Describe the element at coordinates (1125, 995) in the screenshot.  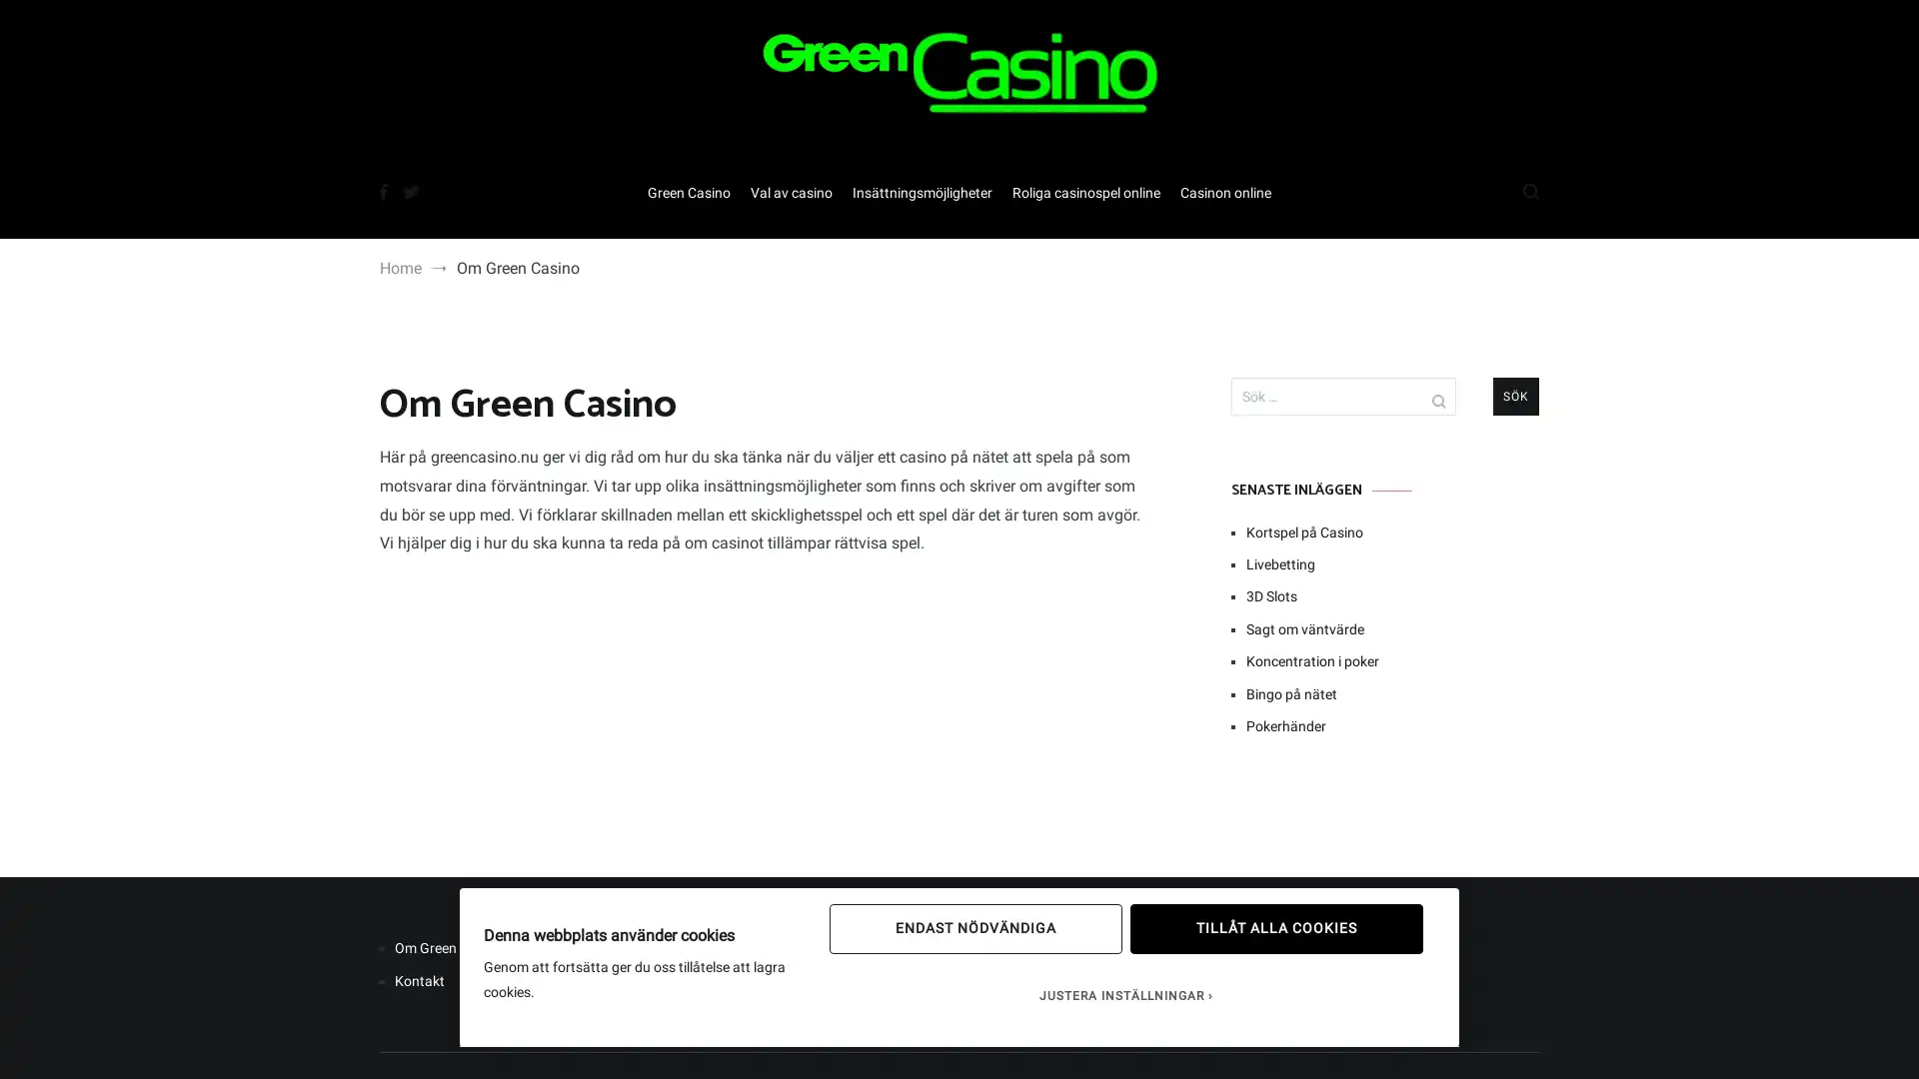
I see `JUSTERA INSTALLNINGAR` at that location.